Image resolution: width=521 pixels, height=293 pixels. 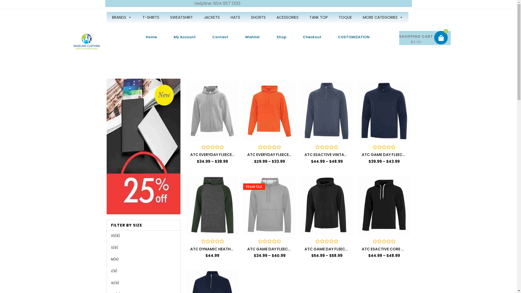 What do you see at coordinates (312, 37) in the screenshot?
I see `'Checkout'` at bounding box center [312, 37].